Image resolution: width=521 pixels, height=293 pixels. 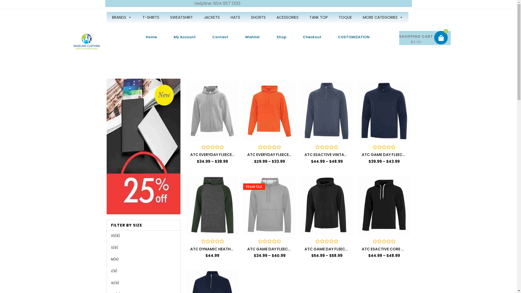 What do you see at coordinates (312, 37) in the screenshot?
I see `'Checkout'` at bounding box center [312, 37].